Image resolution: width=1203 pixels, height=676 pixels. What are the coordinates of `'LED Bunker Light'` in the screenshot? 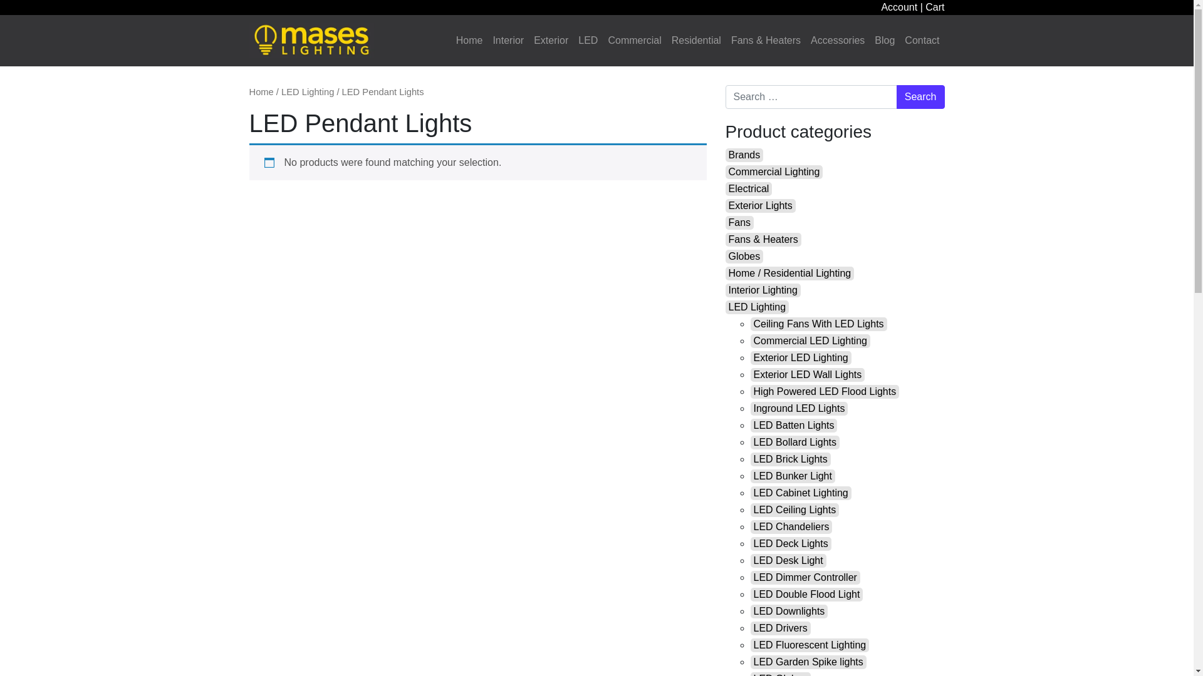 It's located at (792, 476).